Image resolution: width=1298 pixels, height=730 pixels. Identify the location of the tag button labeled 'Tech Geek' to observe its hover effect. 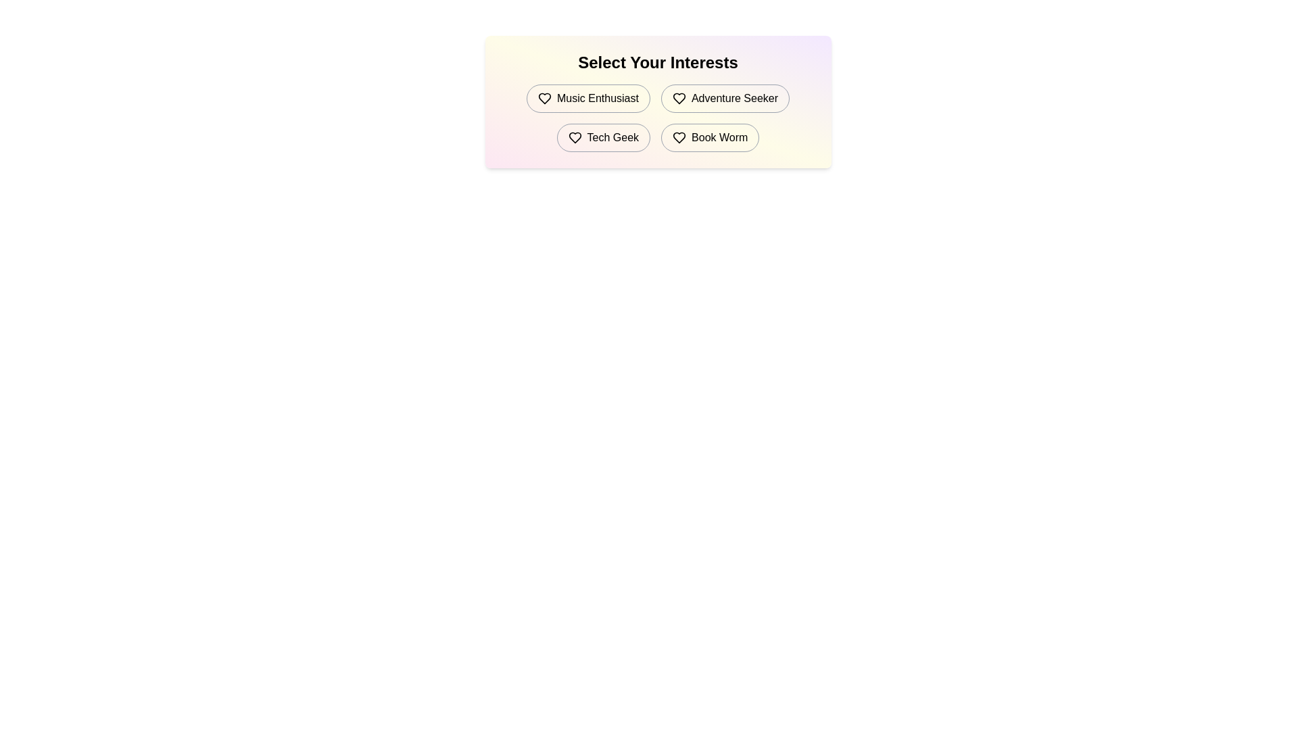
(602, 138).